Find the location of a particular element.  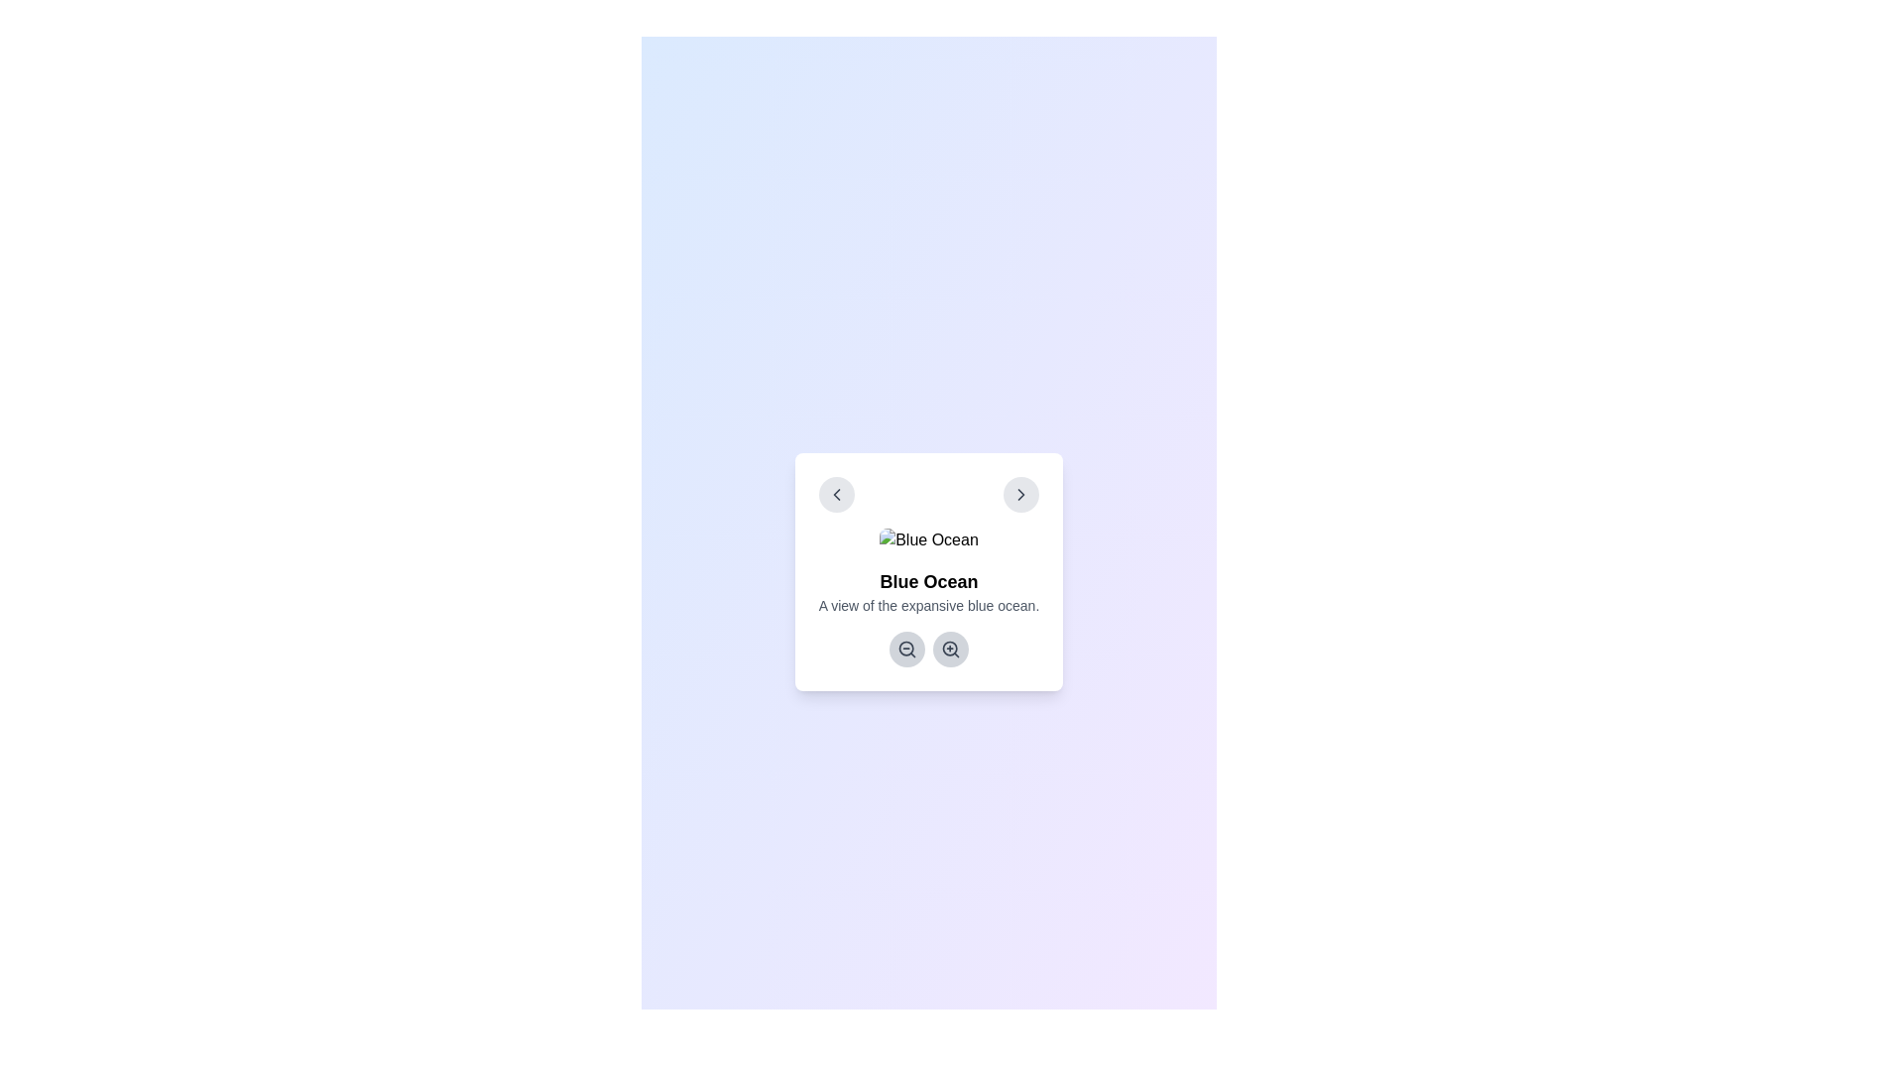

the Icon button (right chevron) located in the top-right corner of the card component is located at coordinates (1021, 493).